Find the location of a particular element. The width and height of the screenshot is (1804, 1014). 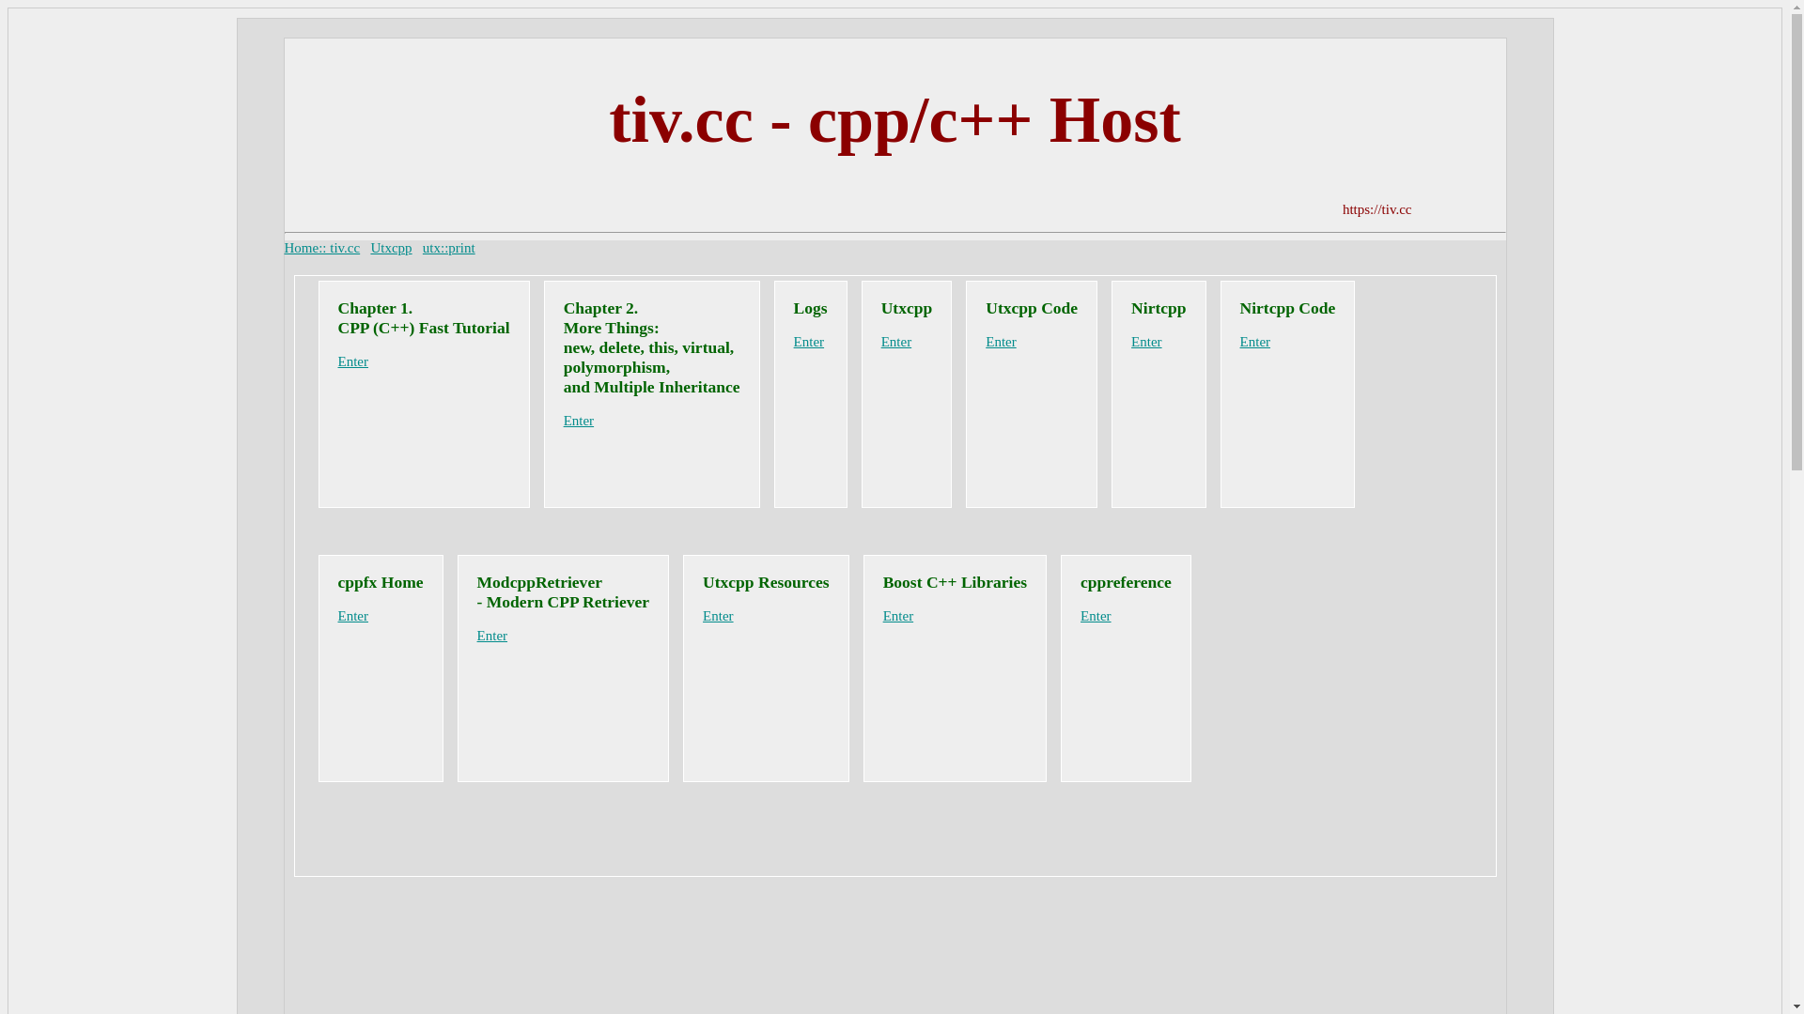

'Enter' is located at coordinates (1081, 615).